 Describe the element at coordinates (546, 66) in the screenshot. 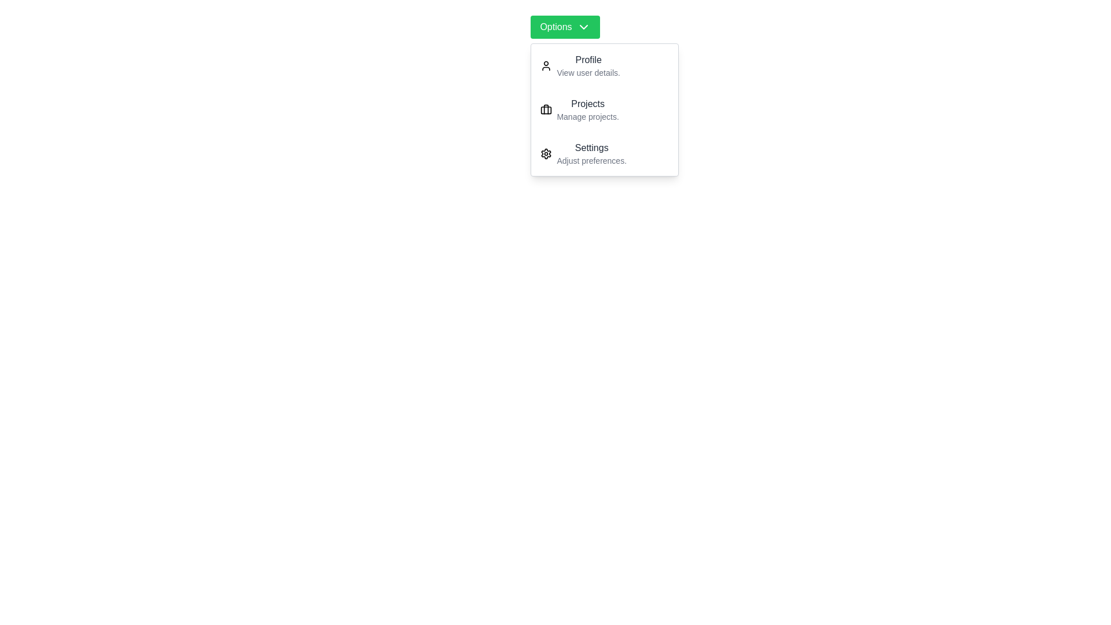

I see `the icon for Profile` at that location.